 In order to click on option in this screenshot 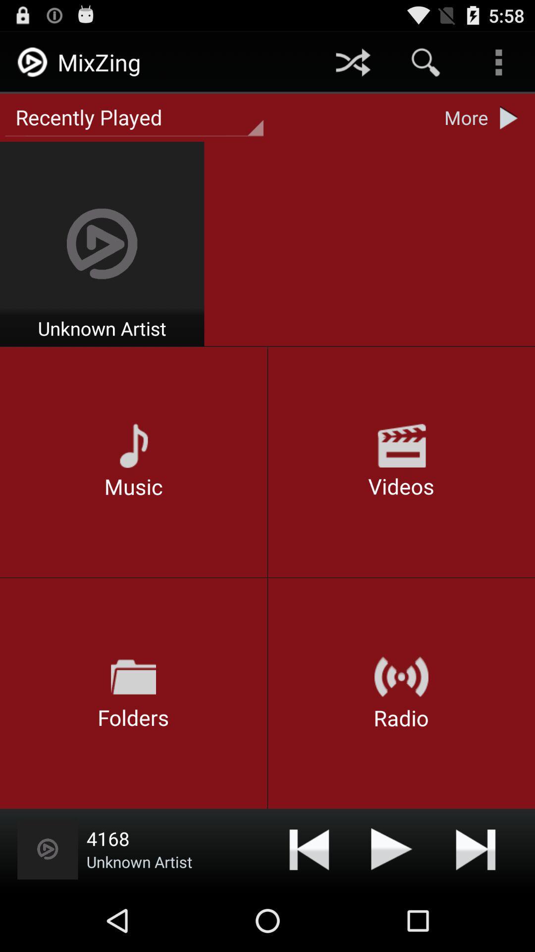, I will do `click(391, 848)`.